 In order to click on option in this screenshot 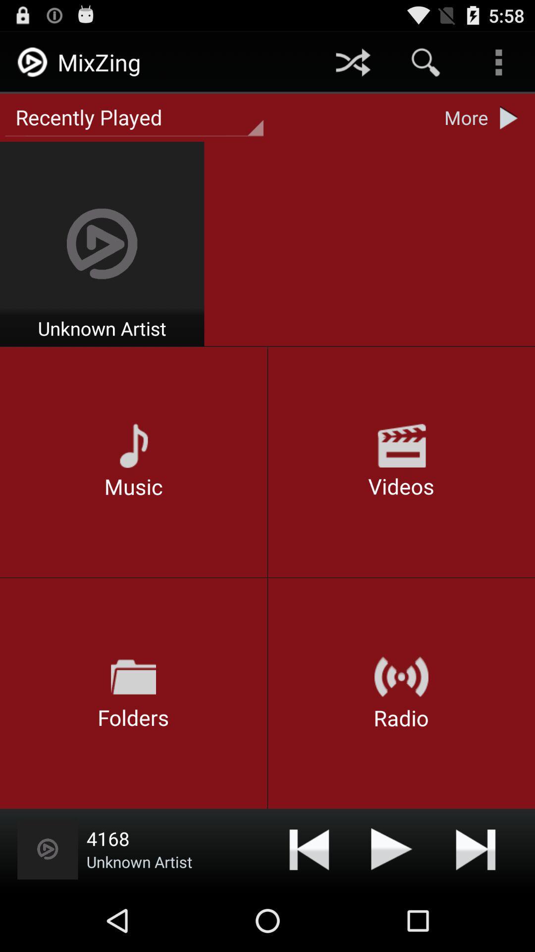, I will do `click(391, 848)`.